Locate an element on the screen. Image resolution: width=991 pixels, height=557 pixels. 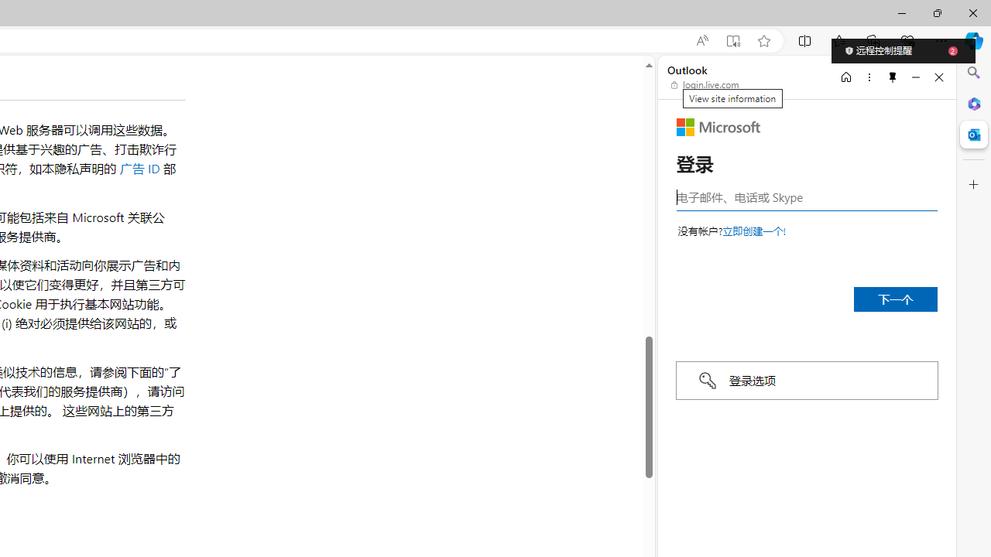
'Home' is located at coordinates (845, 77).